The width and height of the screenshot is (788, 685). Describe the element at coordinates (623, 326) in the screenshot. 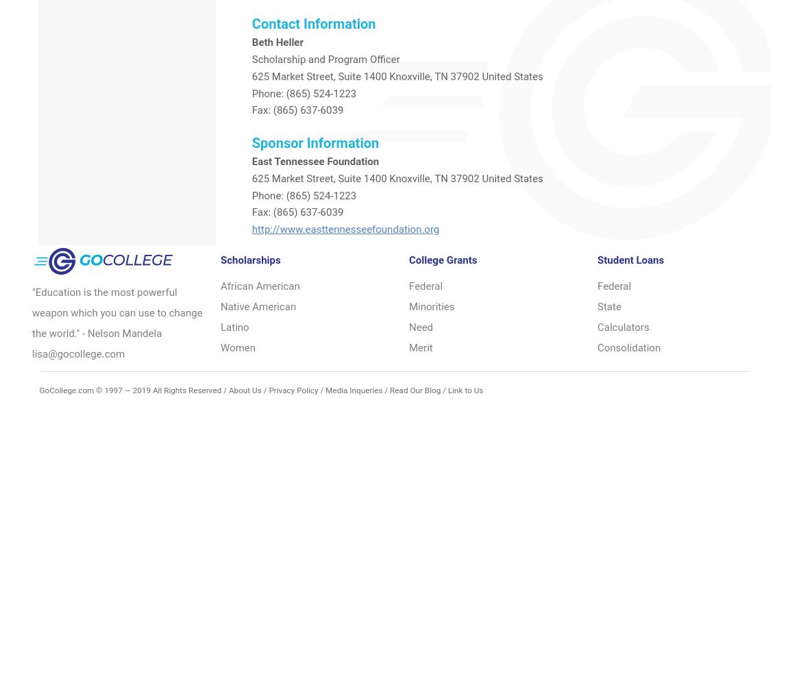

I see `'Calculators'` at that location.